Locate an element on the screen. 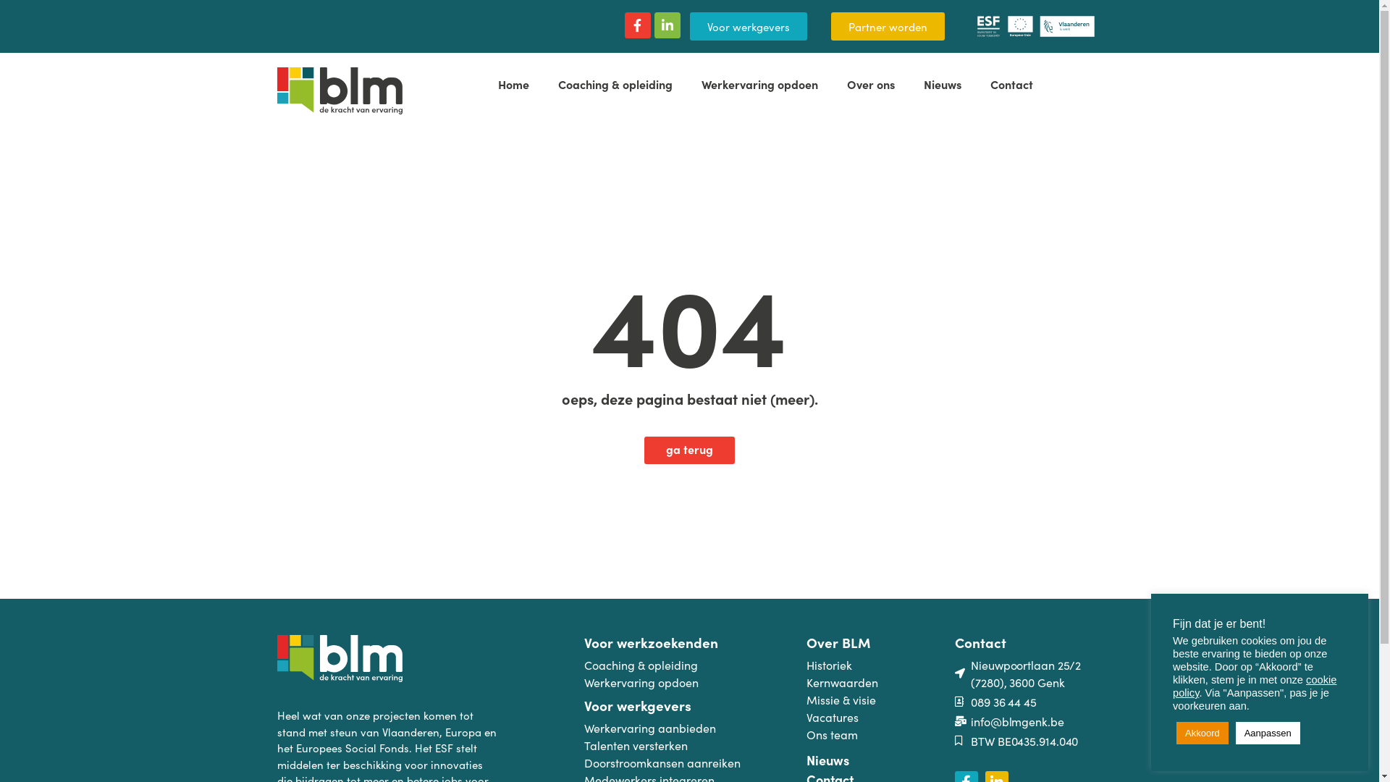  'Home' is located at coordinates (513, 83).